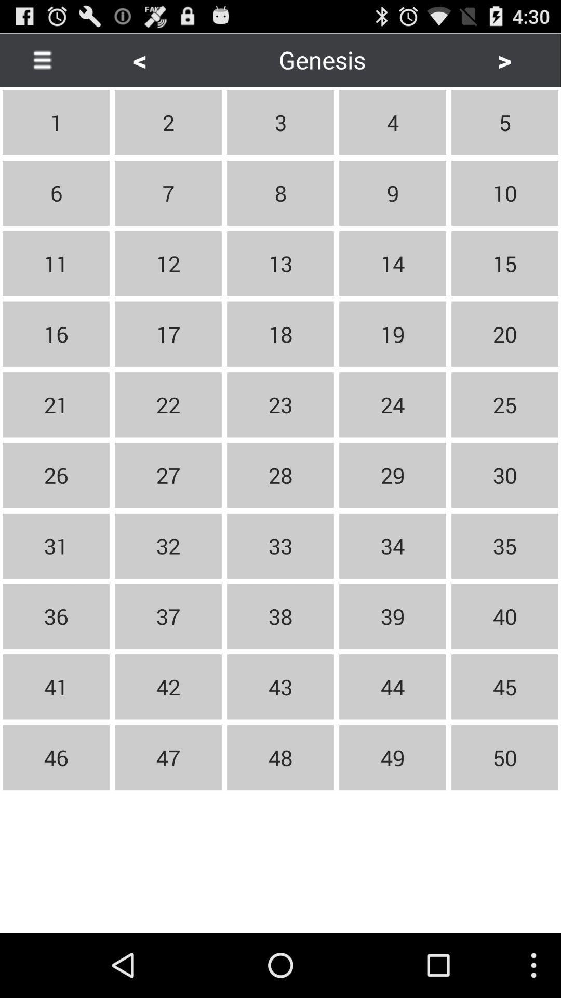  What do you see at coordinates (42, 63) in the screenshot?
I see `the menu icon` at bounding box center [42, 63].